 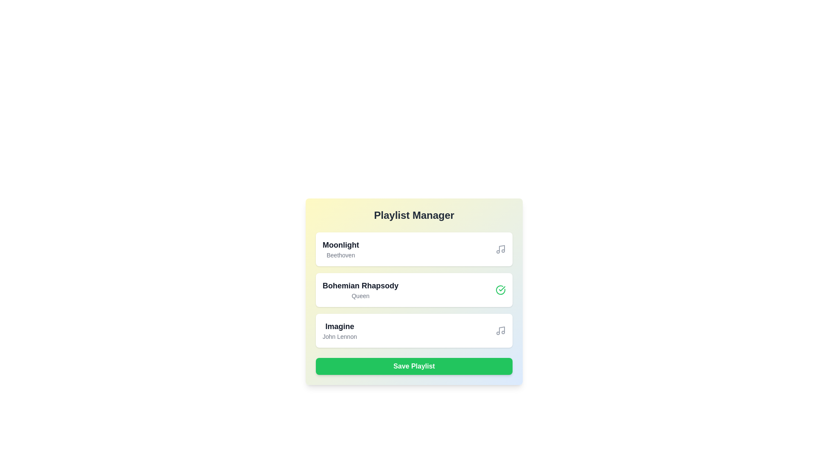 I want to click on the song titled 'Imagine' to inspect its details, so click(x=340, y=330).